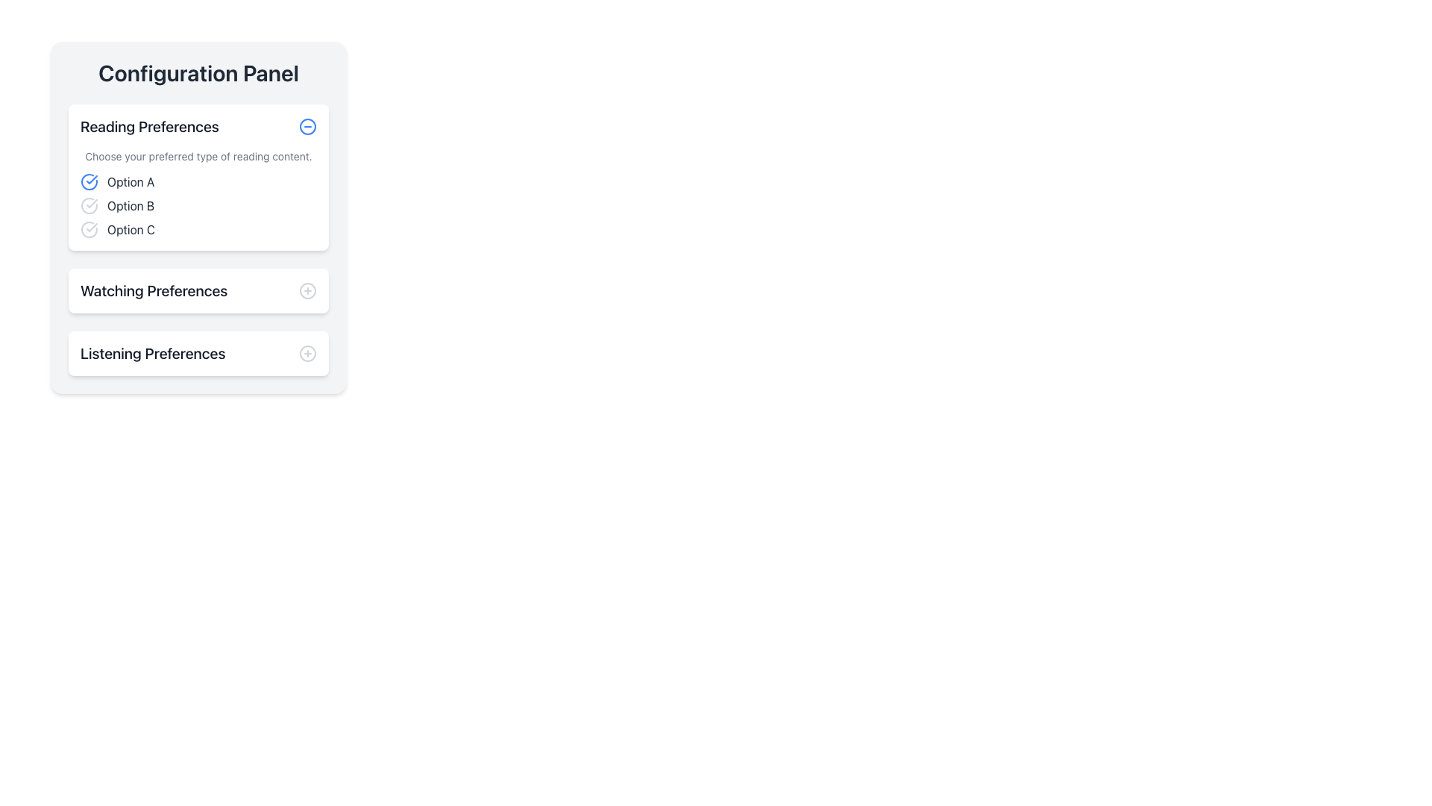 The height and width of the screenshot is (806, 1432). I want to click on the 'Reading Preferences' section header for navigation by clicking on the collapsible header that includes a prominent title and a blue minus icon, so click(198, 125).